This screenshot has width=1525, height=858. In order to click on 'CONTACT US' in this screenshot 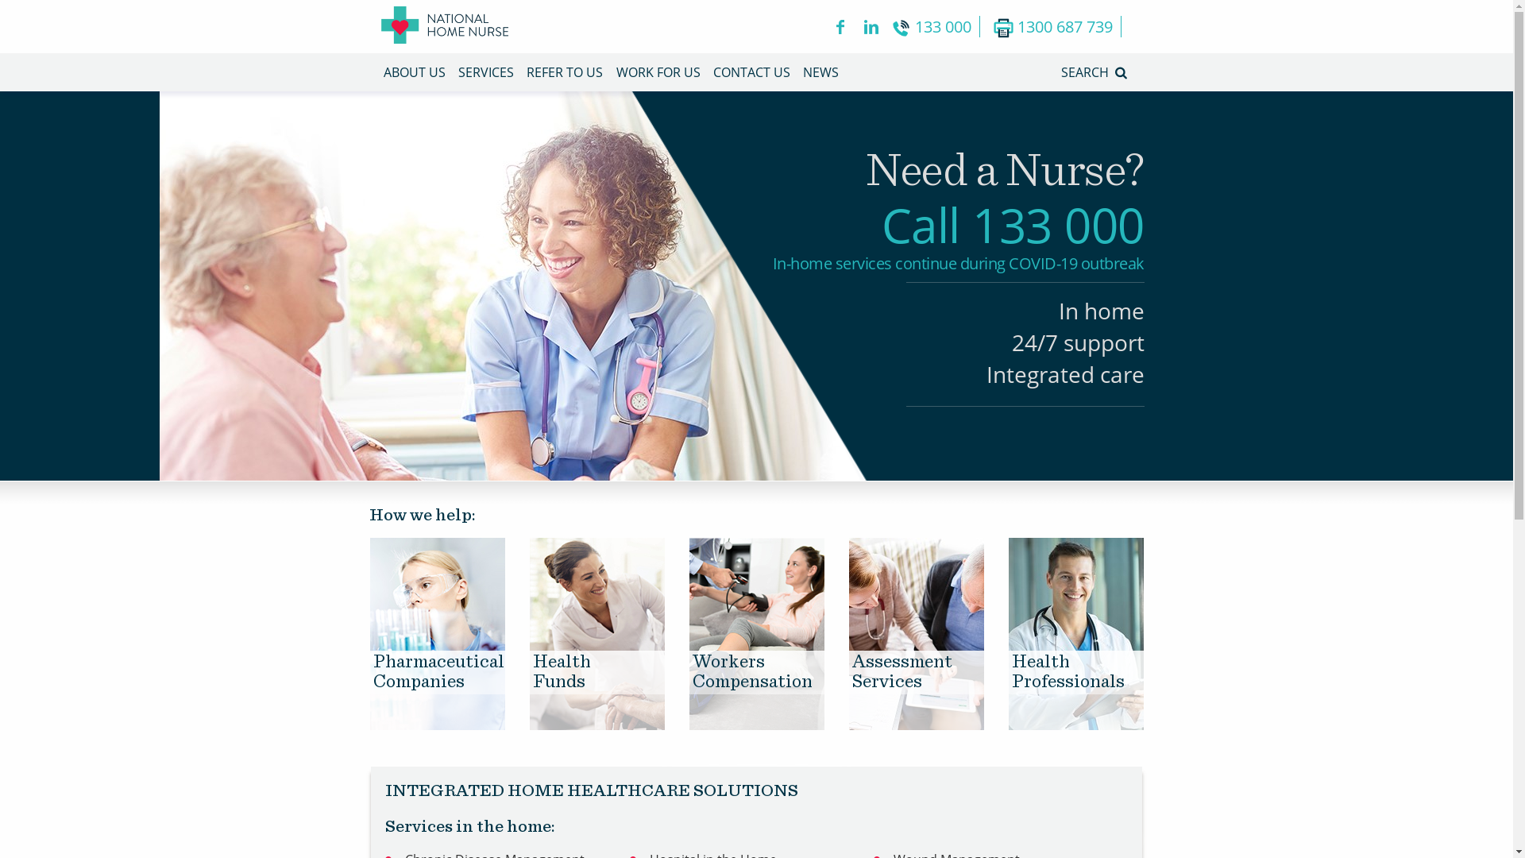, I will do `click(751, 72)`.